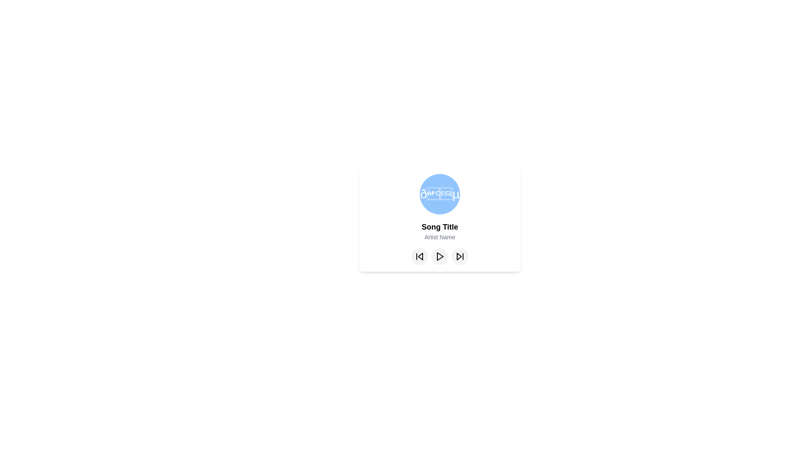 The image size is (809, 455). Describe the element at coordinates (439, 256) in the screenshot. I see `the play button in the media player interface by tabbing to it, which is centrally located among the navigation controls below the album artwork` at that location.